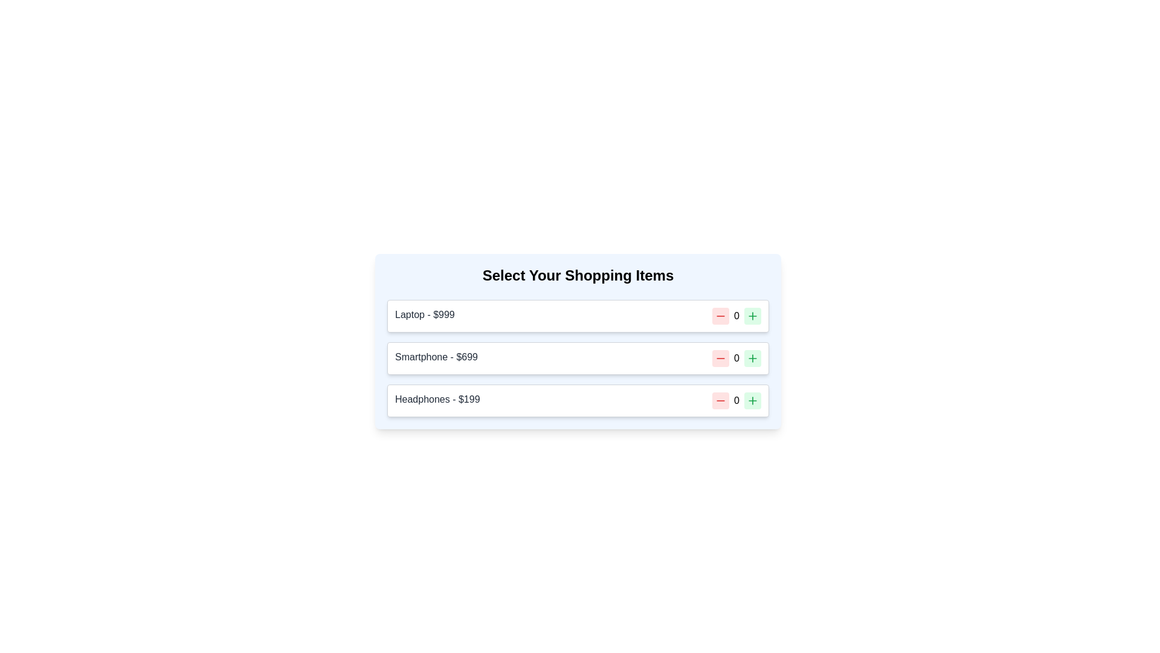 The width and height of the screenshot is (1160, 653). What do you see at coordinates (736, 316) in the screenshot?
I see `the central numeric indicator displaying the quantity value for the product 'Laptop - $999', which is located between the decrease button and increase button in the layout` at bounding box center [736, 316].